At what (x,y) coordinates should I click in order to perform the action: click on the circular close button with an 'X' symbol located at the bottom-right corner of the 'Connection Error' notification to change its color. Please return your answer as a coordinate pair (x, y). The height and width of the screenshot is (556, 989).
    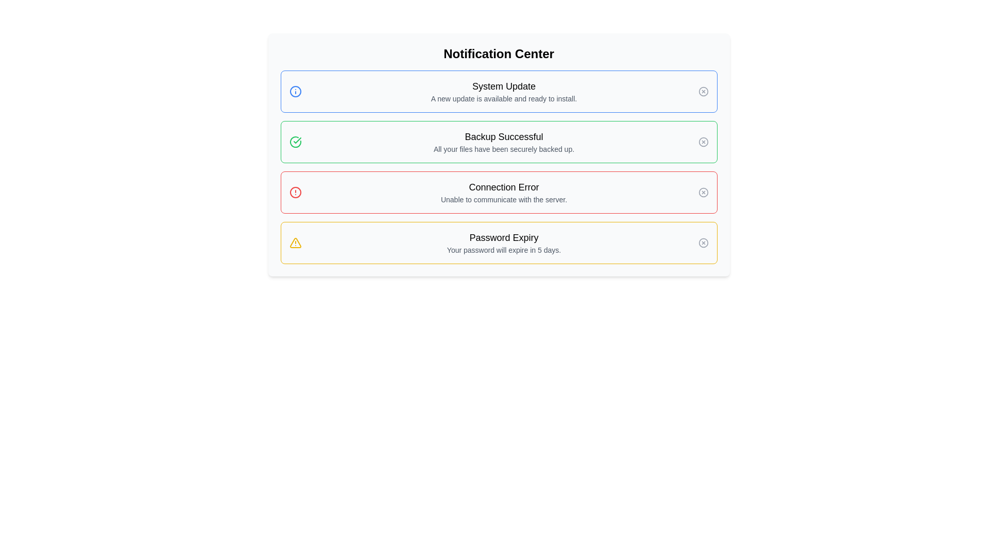
    Looking at the image, I should click on (703, 193).